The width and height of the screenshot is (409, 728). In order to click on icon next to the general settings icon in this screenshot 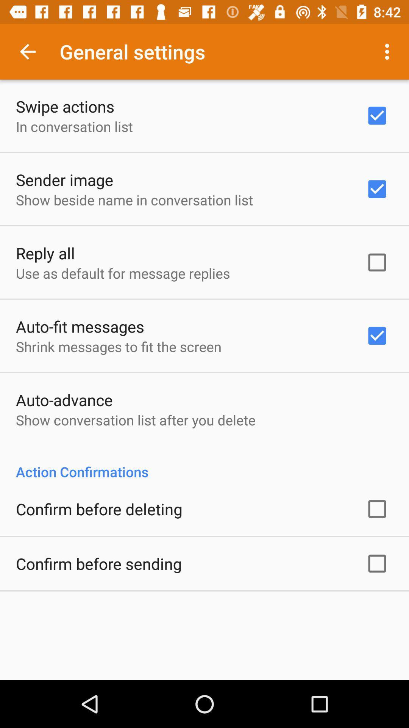, I will do `click(27, 51)`.